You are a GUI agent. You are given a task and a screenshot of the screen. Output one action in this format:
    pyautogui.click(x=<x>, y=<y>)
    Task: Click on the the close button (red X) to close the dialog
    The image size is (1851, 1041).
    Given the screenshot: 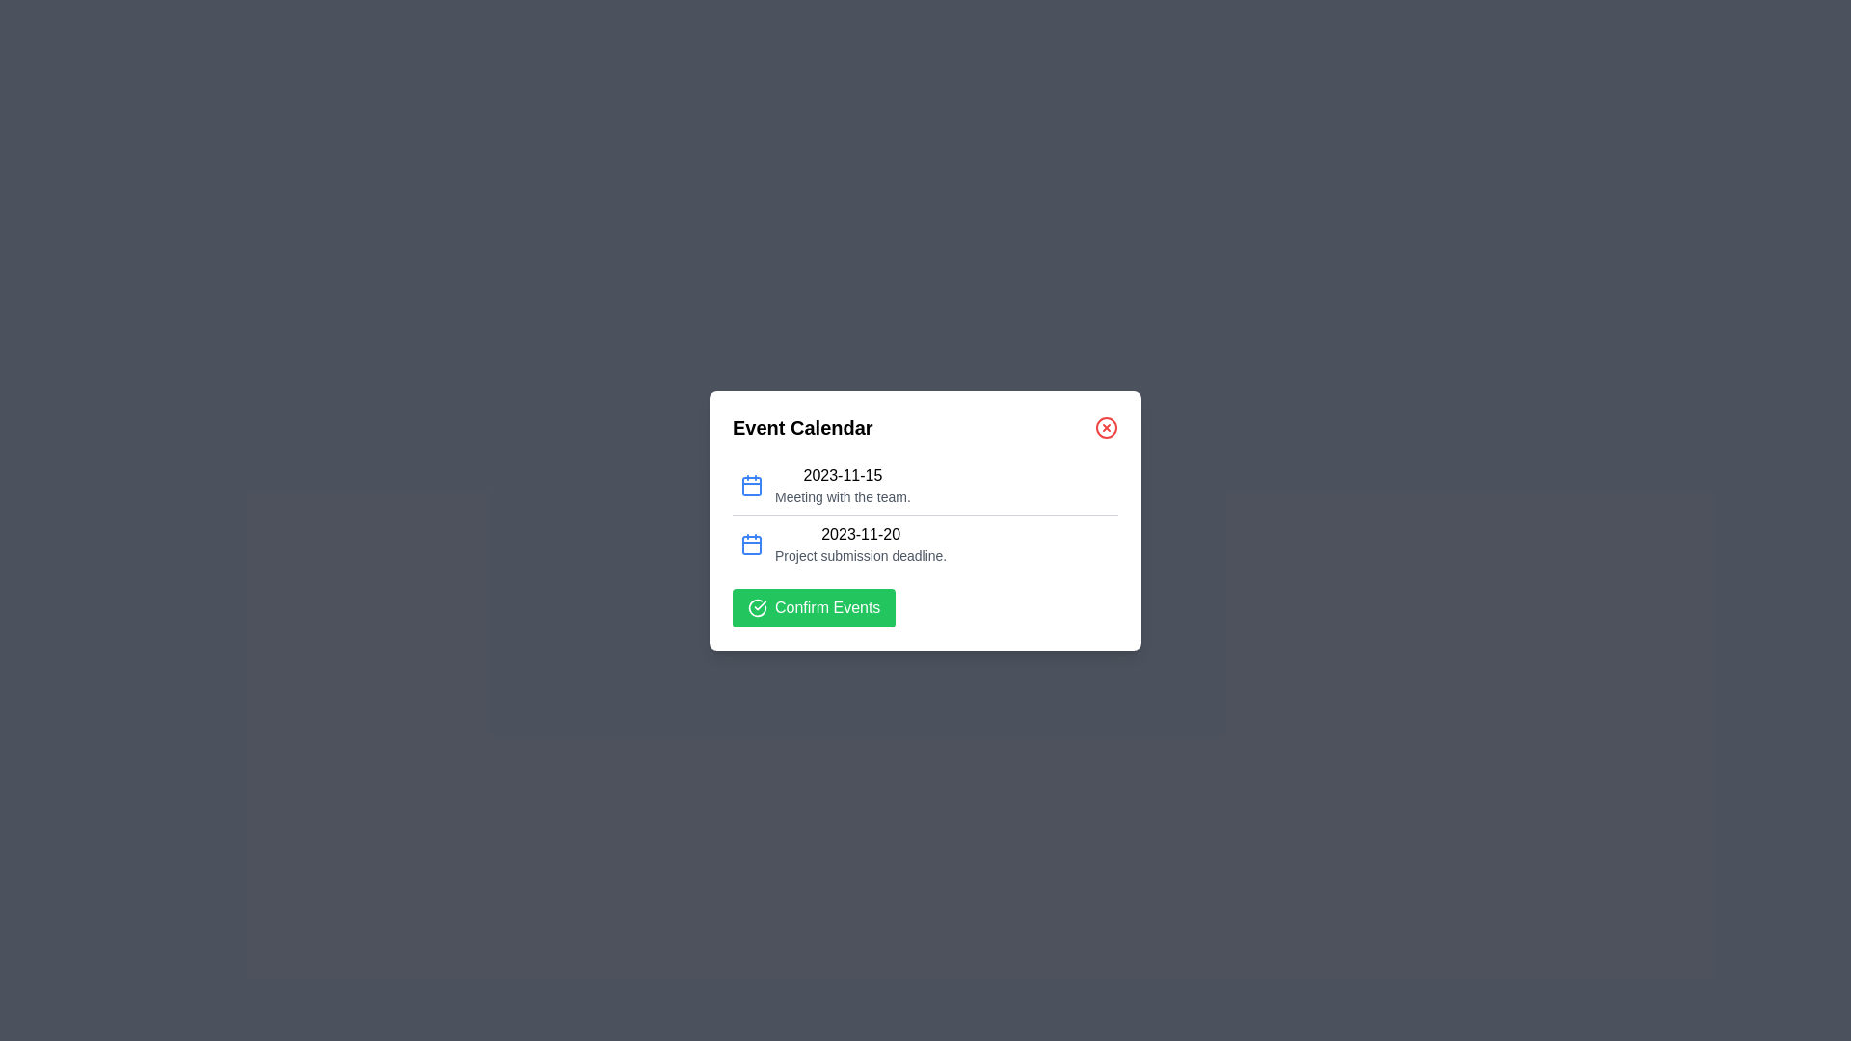 What is the action you would take?
    pyautogui.click(x=1106, y=426)
    